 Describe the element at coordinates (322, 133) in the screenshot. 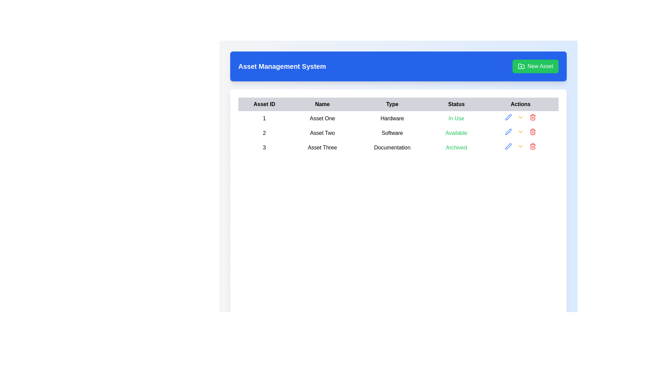

I see `the 'Asset Two' text element located in the second row under the 'Name' column of the table` at that location.